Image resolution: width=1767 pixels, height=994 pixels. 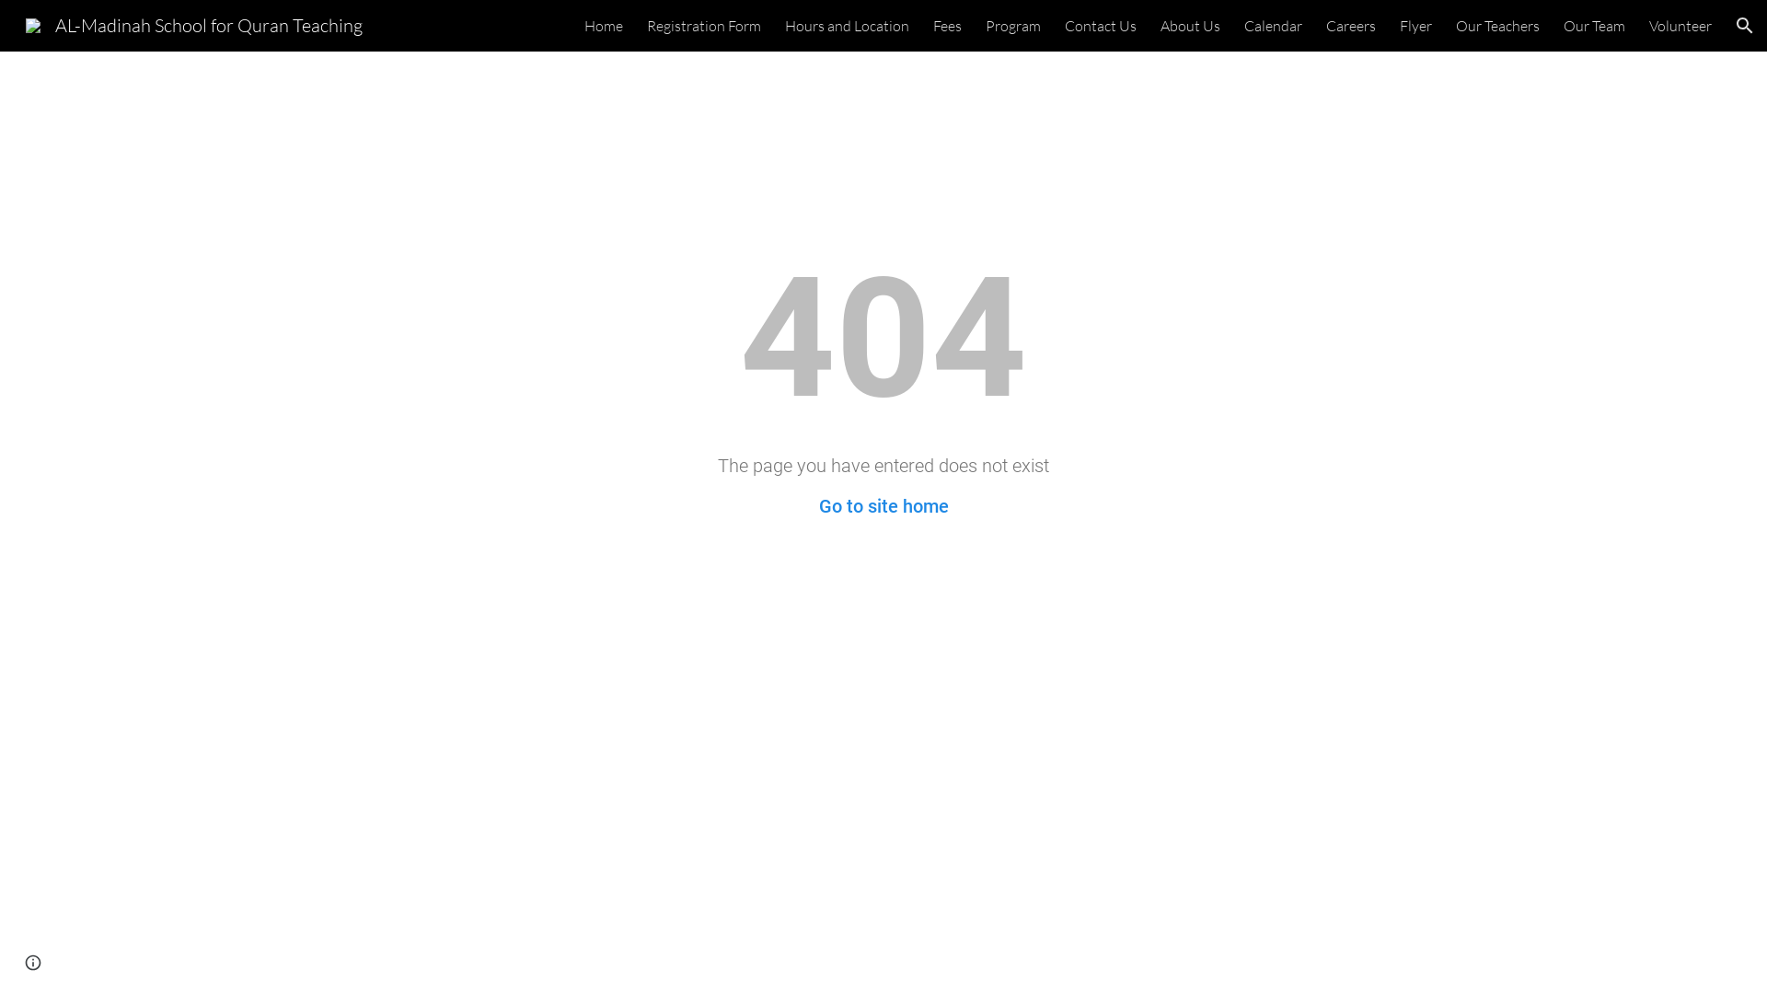 What do you see at coordinates (817, 506) in the screenshot?
I see `'Go to site home'` at bounding box center [817, 506].